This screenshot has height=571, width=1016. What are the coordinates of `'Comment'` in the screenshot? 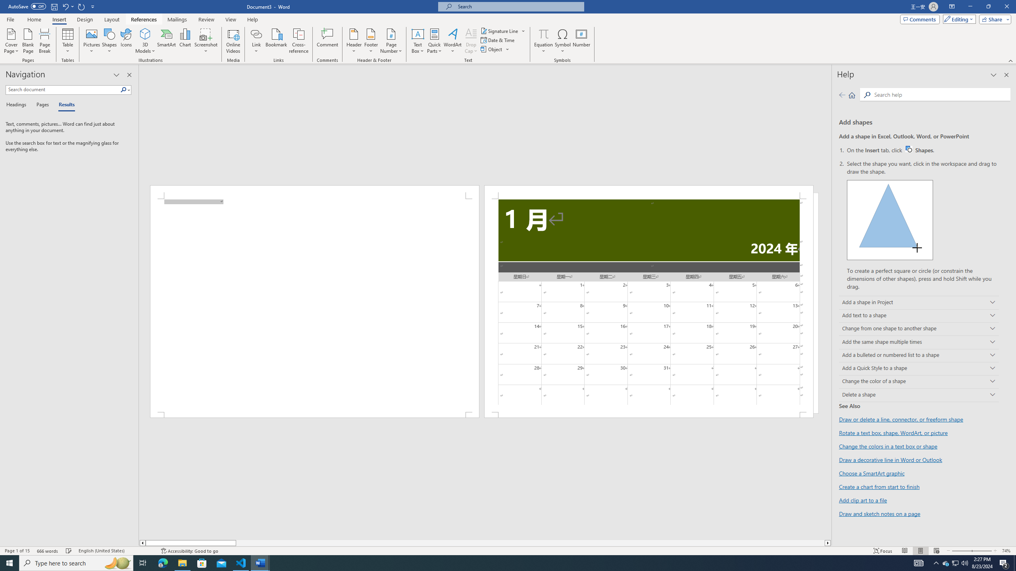 It's located at (327, 41).